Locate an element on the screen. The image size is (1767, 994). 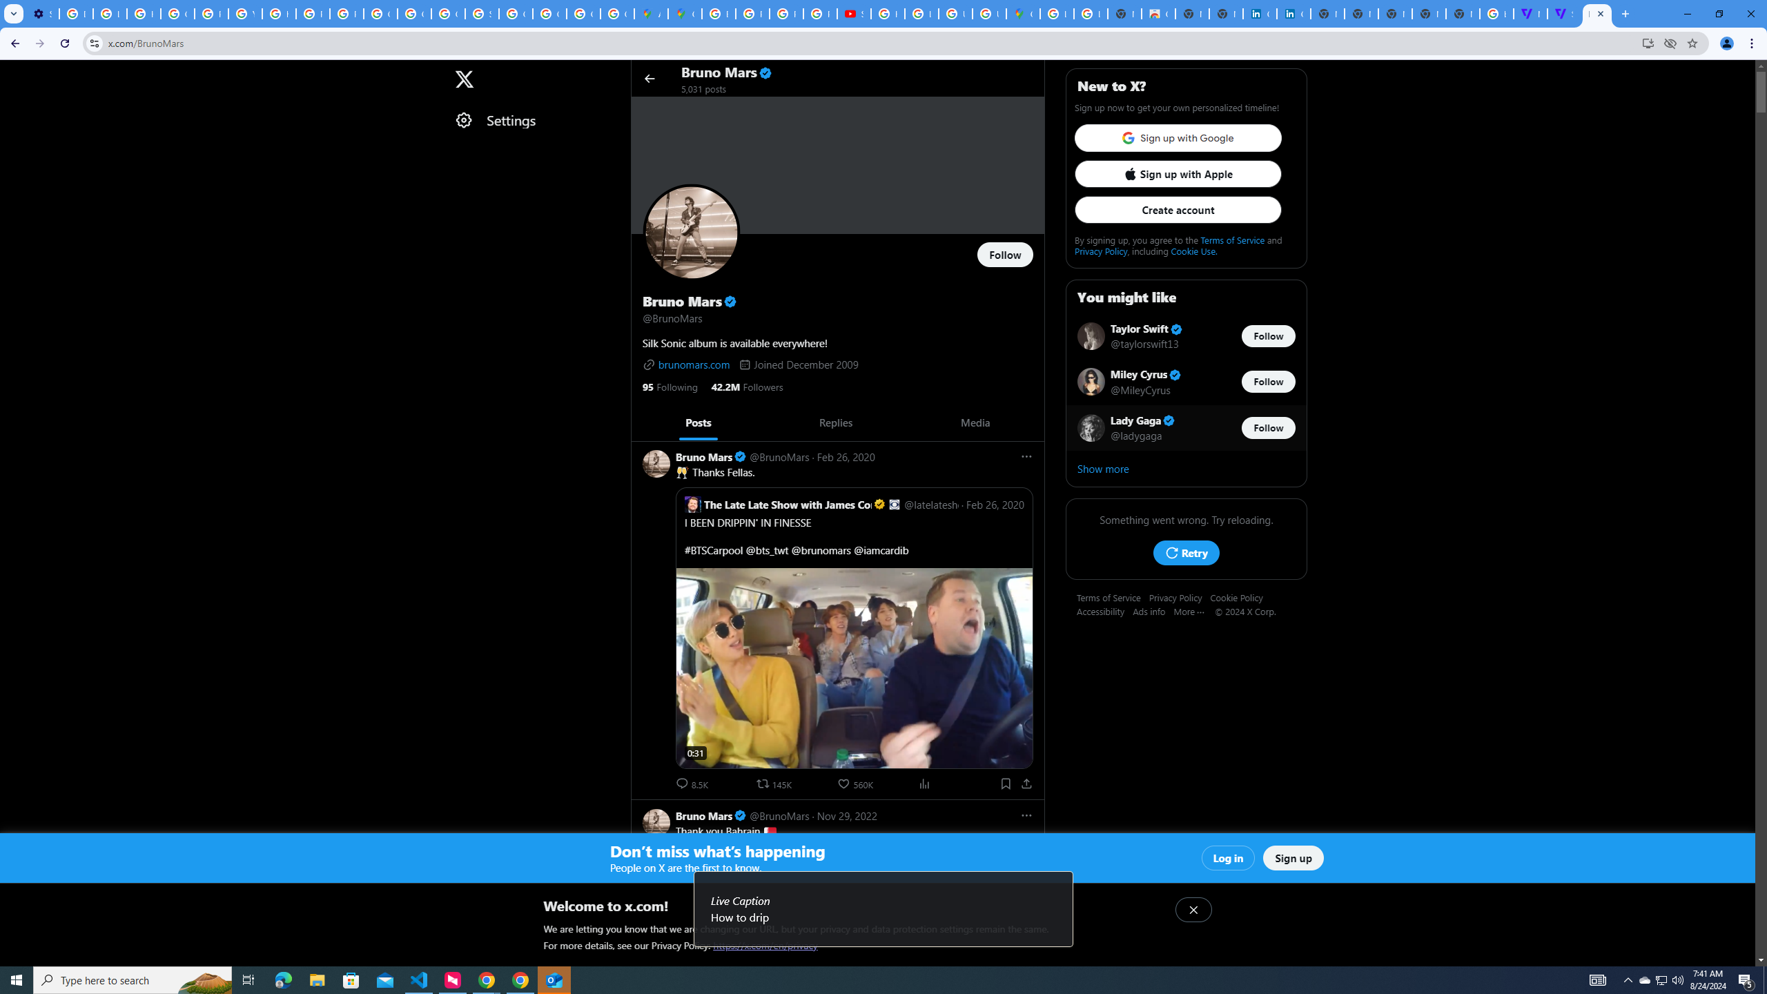
'@MileyCyrus' is located at coordinates (1140, 389).